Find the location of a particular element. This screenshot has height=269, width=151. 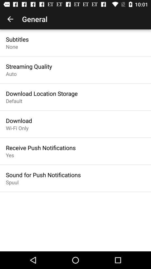

the yes is located at coordinates (10, 155).